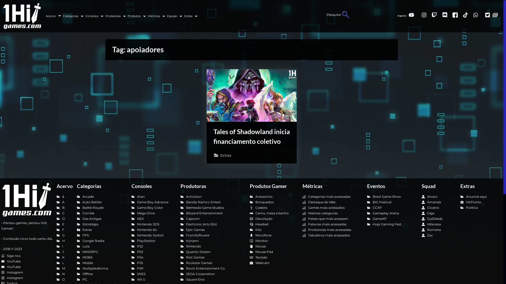  Describe the element at coordinates (274, 235) in the screenshot. I see `'Microfone'` at that location.